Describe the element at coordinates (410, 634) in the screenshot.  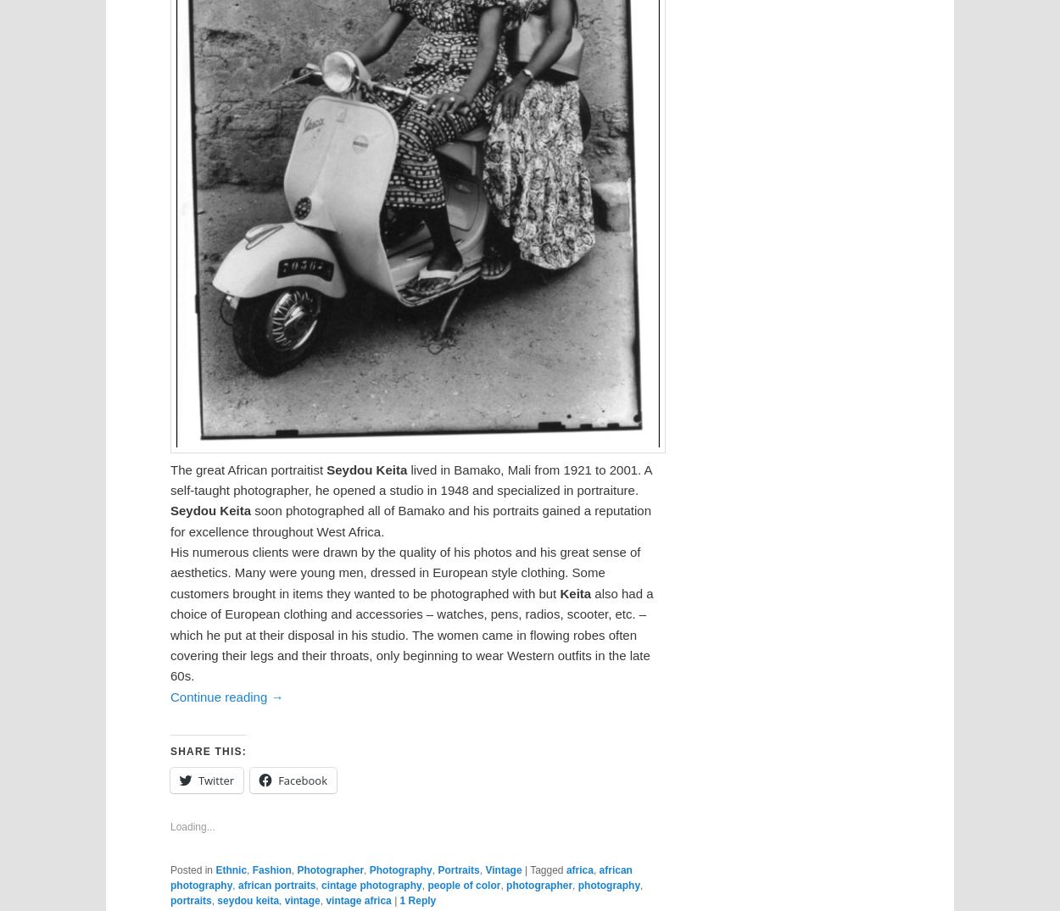
I see `'also had a choice of European clothing and accessories – watches, pens, radios, scooter, etc. – which he put at their disposal in his studio. The women came in flowing robes often covering their legs and their throats, only beginning to wear Western outfits in the late 60s.'` at that location.